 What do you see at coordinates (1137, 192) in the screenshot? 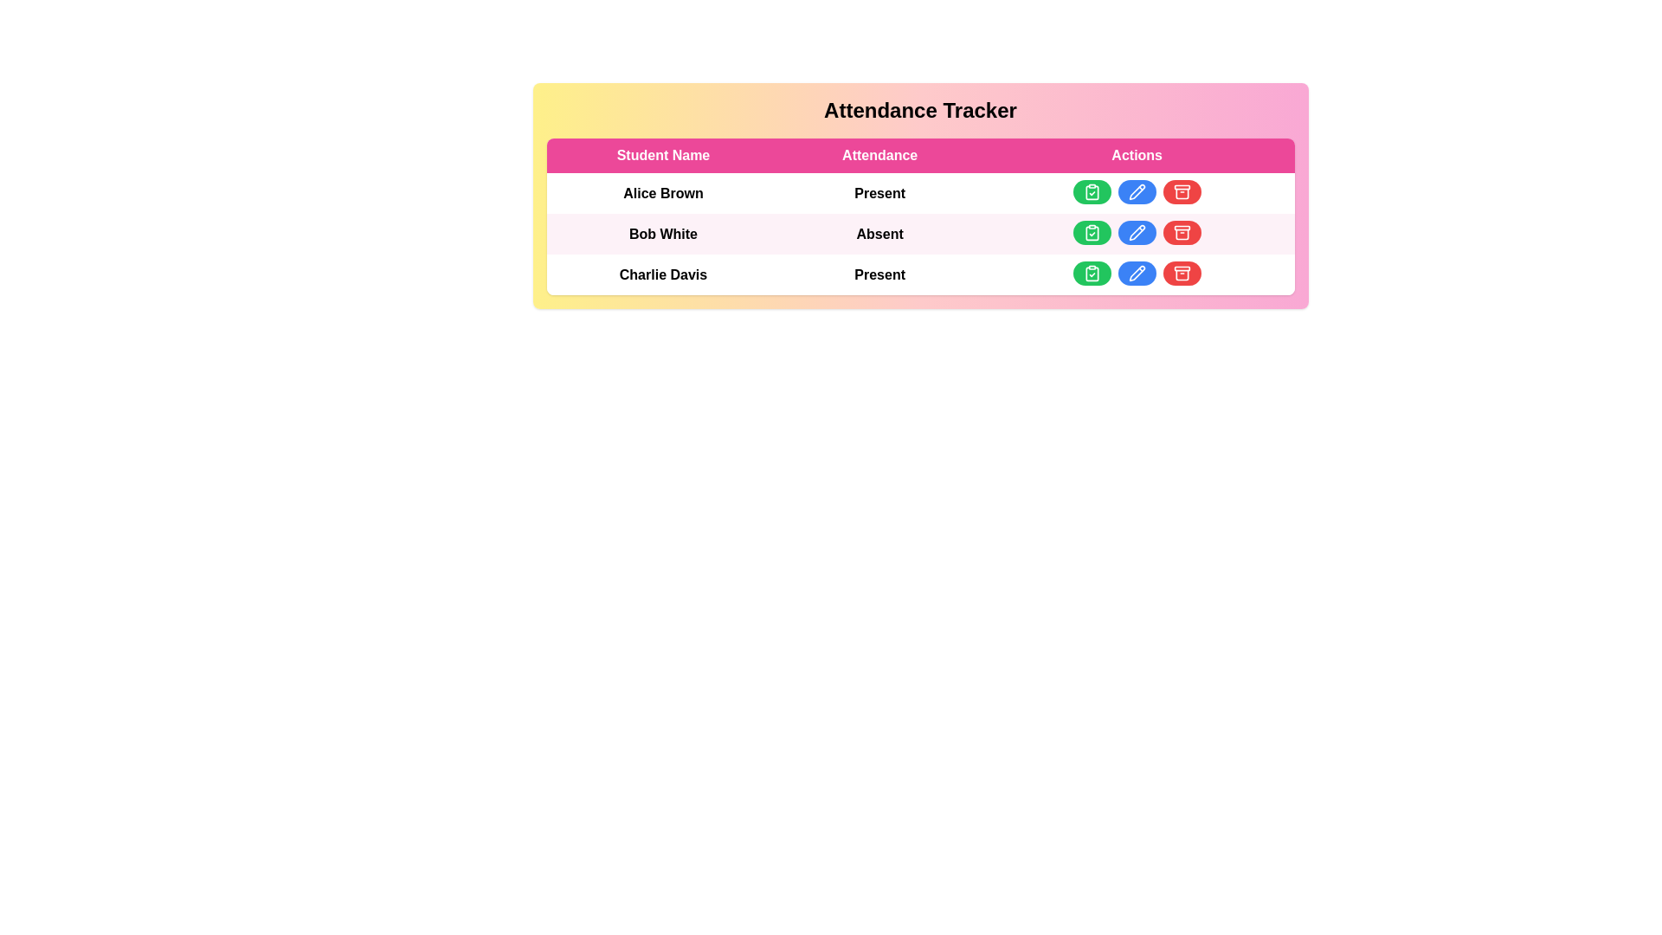
I see `'edit details' button for the student Alice Brown` at bounding box center [1137, 192].